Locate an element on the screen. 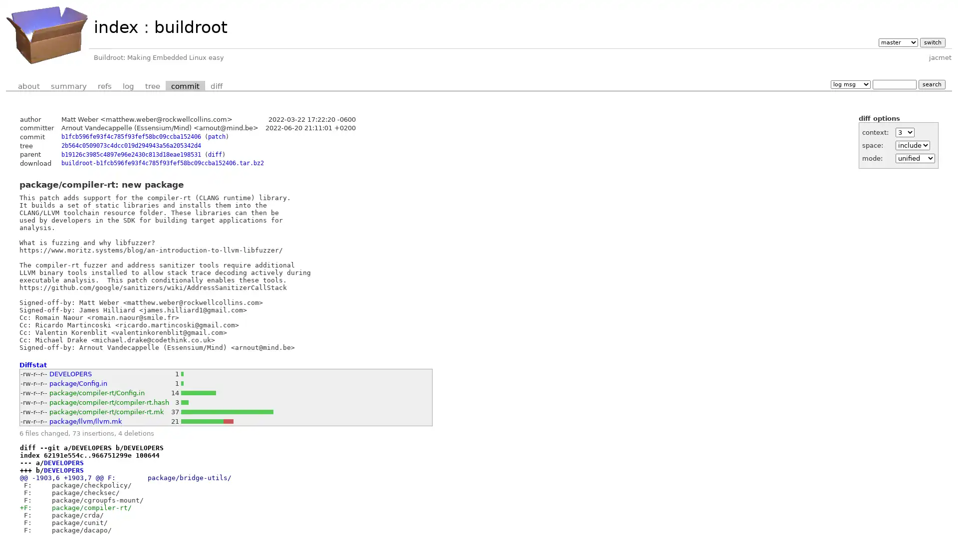 This screenshot has height=539, width=958. switch is located at coordinates (932, 41).